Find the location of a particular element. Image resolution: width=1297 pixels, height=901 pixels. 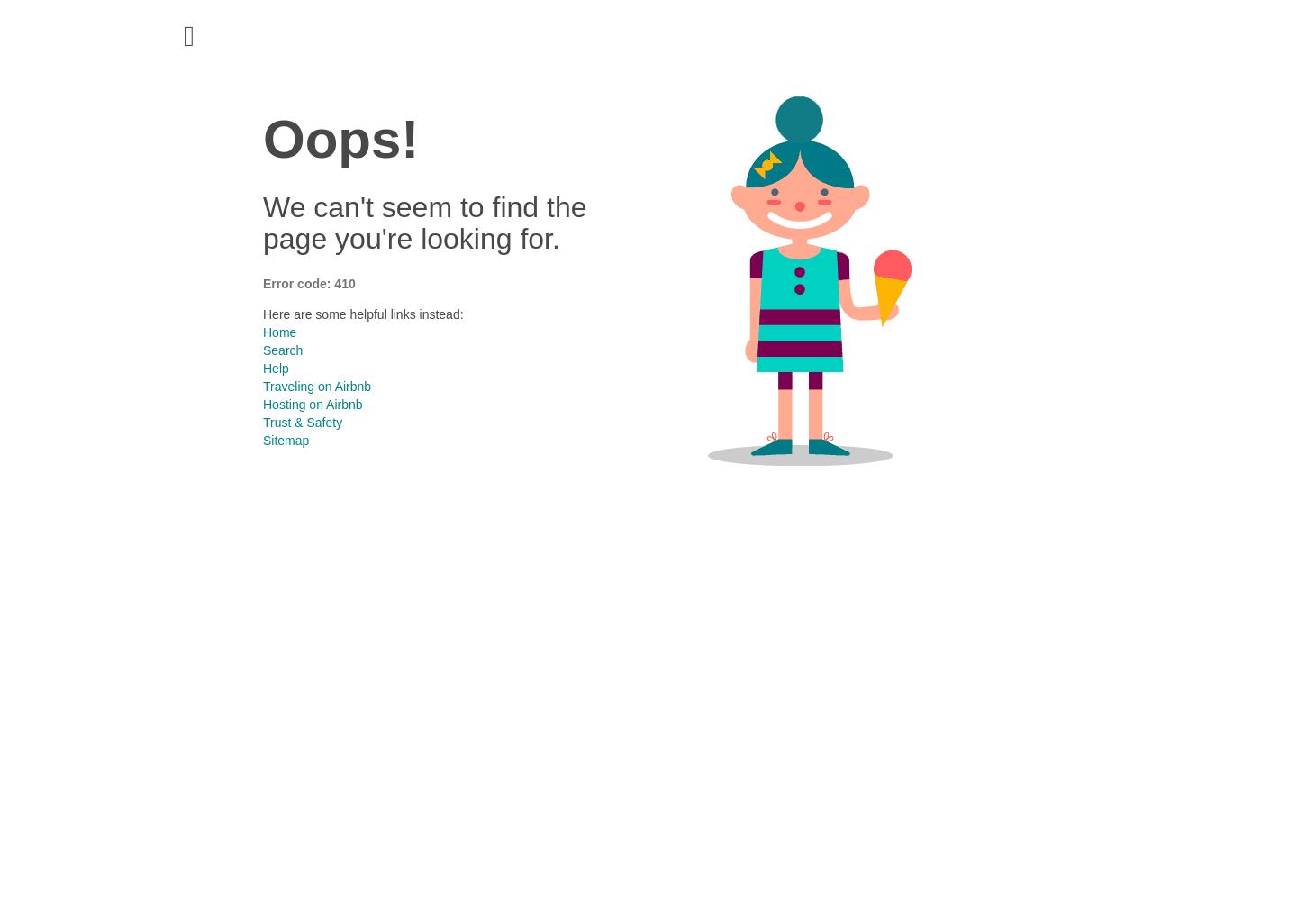

'Traveling on Airbnb' is located at coordinates (262, 386).